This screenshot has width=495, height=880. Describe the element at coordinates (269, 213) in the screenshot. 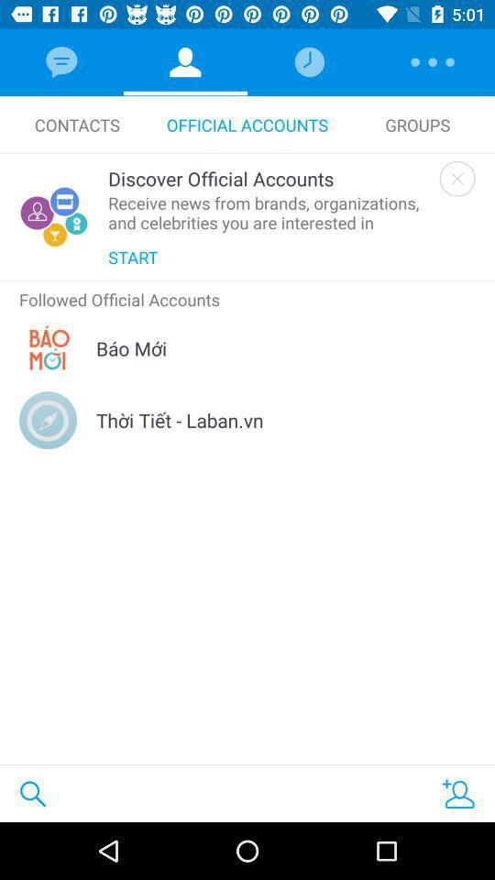

I see `item above the start item` at that location.